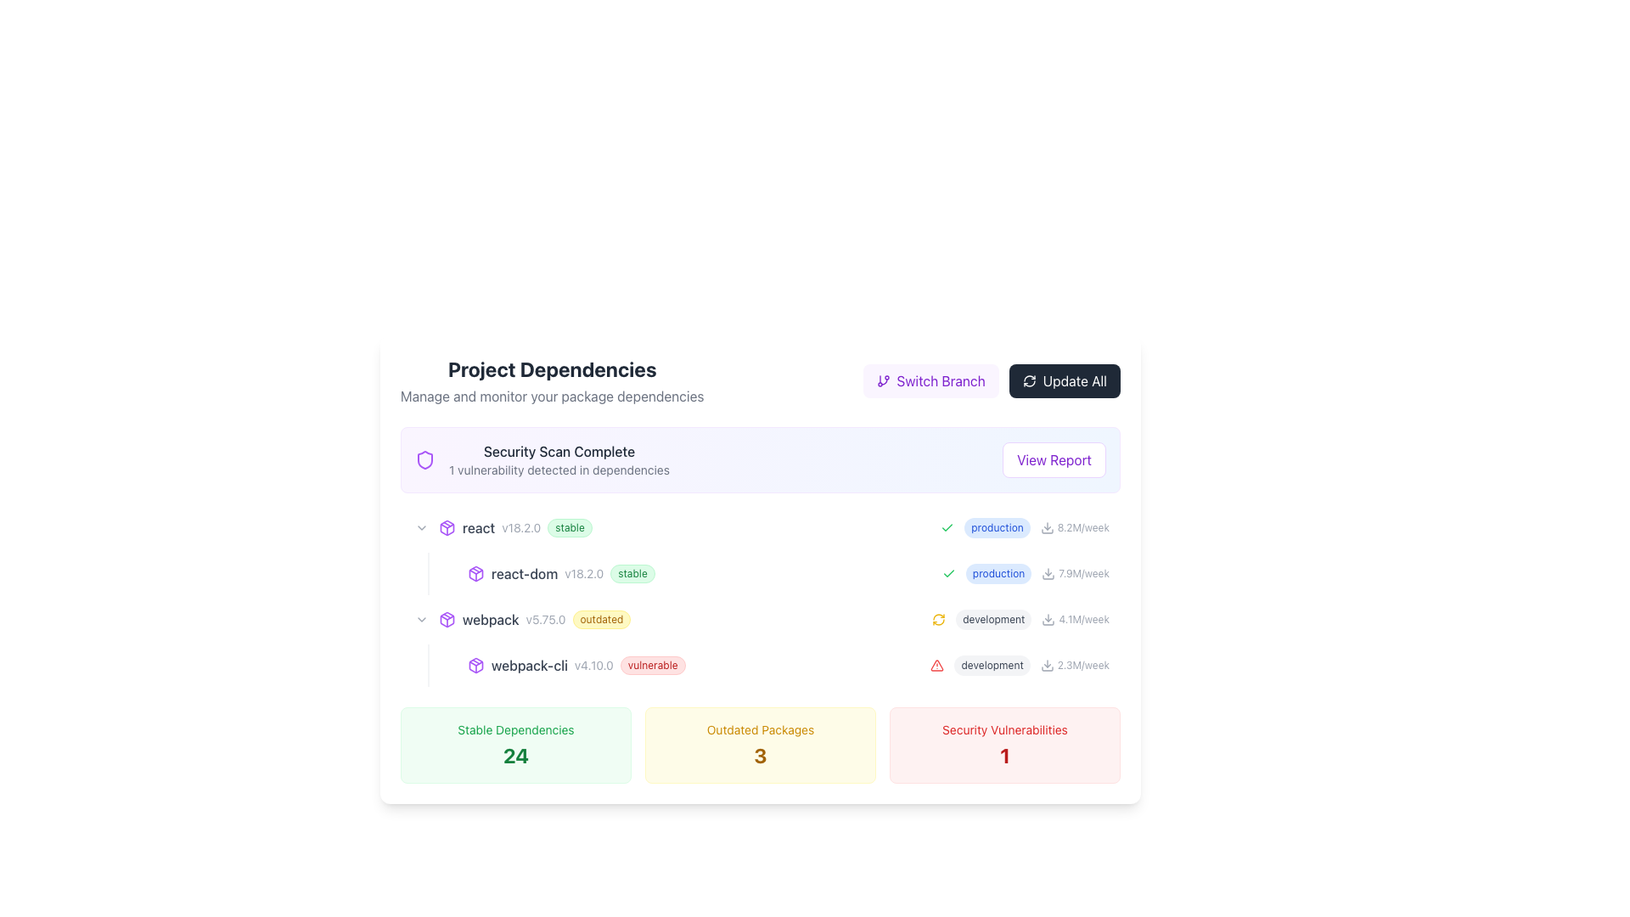 The width and height of the screenshot is (1630, 917). What do you see at coordinates (1005, 729) in the screenshot?
I see `the label describing security vulnerability information located in the bottom-right section of the interface` at bounding box center [1005, 729].